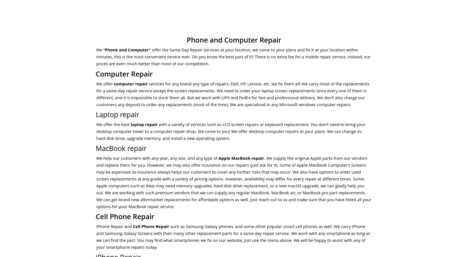 The width and height of the screenshot is (468, 257). I want to click on 'Computer Repair', so click(95, 73).